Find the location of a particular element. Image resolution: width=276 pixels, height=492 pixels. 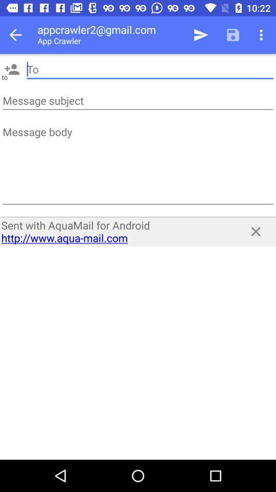

the app next to sent with aquamail item is located at coordinates (255, 231).